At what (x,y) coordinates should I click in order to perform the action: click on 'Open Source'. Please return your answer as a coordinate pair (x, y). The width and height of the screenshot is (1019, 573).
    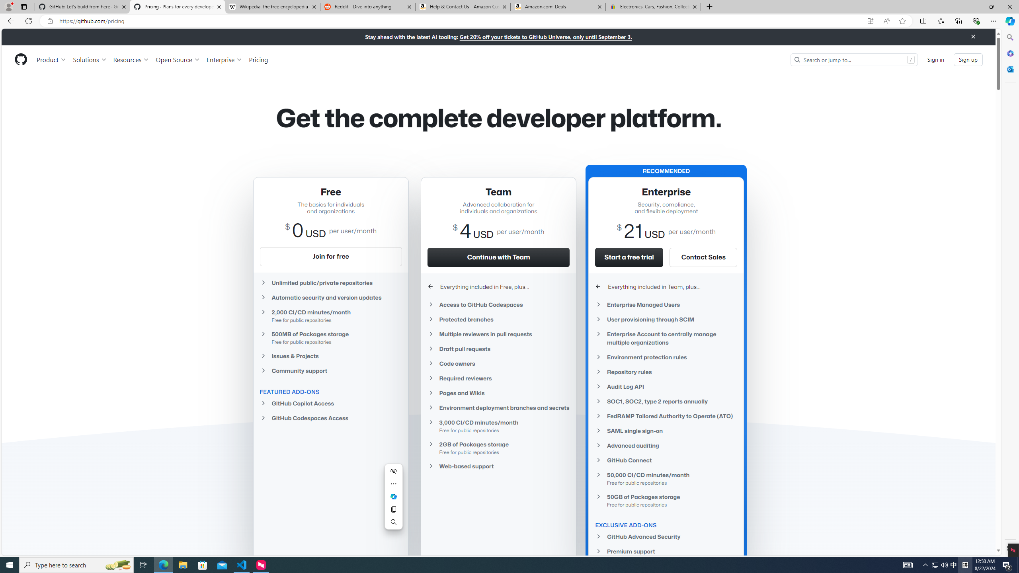
    Looking at the image, I should click on (178, 59).